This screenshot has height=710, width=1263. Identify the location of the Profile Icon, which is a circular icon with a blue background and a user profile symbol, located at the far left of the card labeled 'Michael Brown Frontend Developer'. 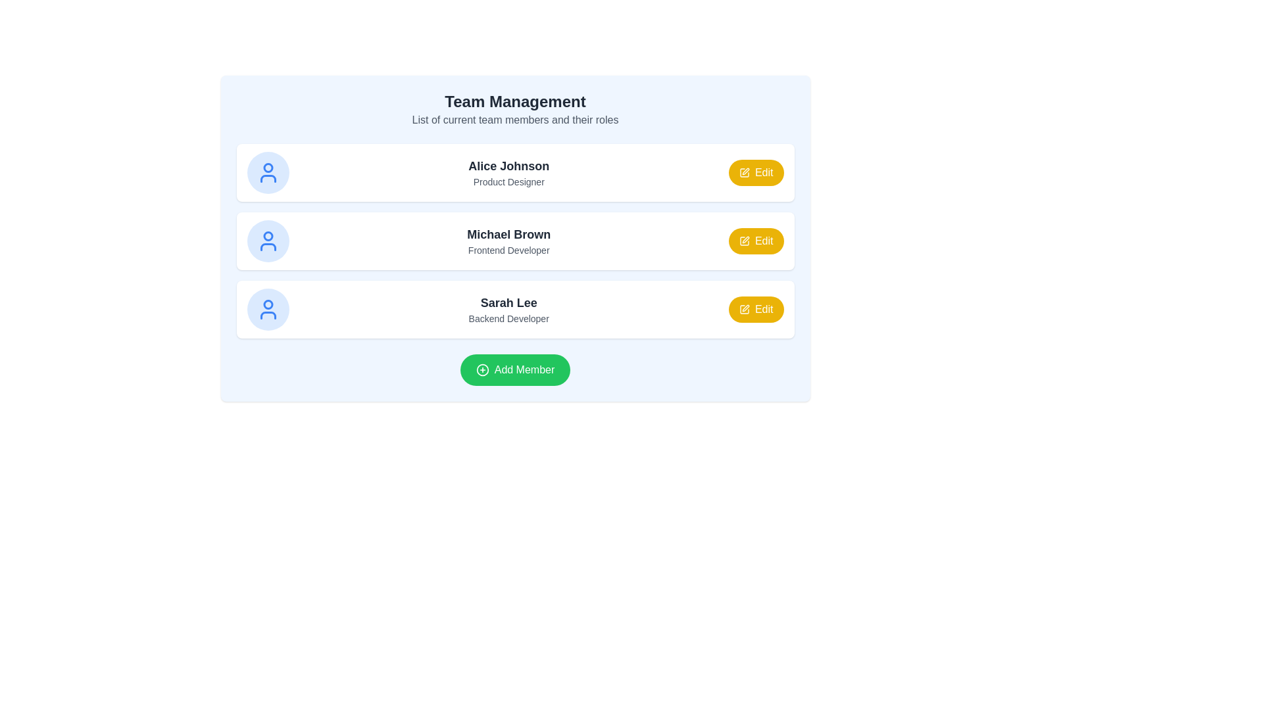
(267, 241).